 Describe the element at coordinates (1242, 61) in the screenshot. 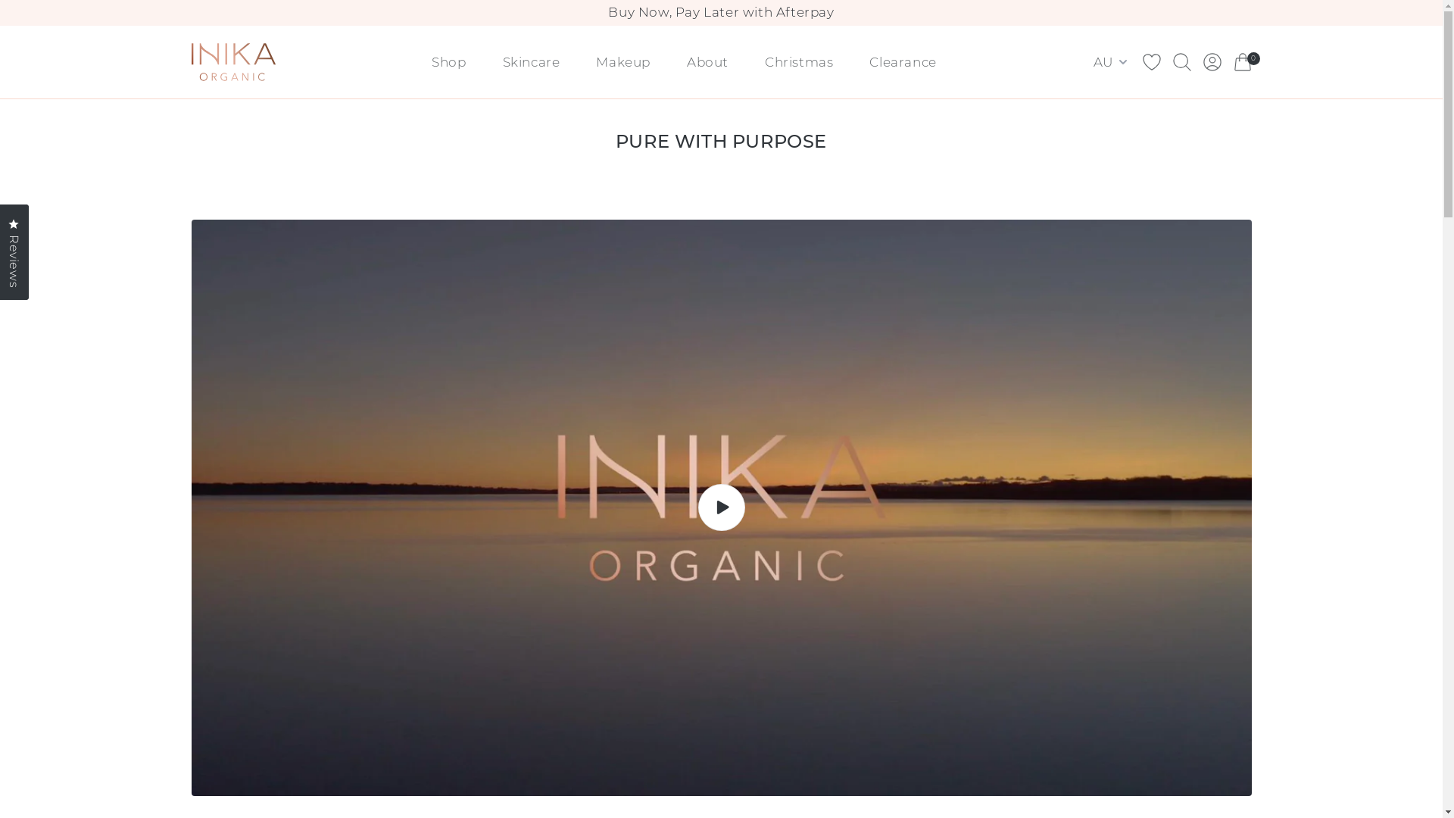

I see `'Cart Icon` at that location.